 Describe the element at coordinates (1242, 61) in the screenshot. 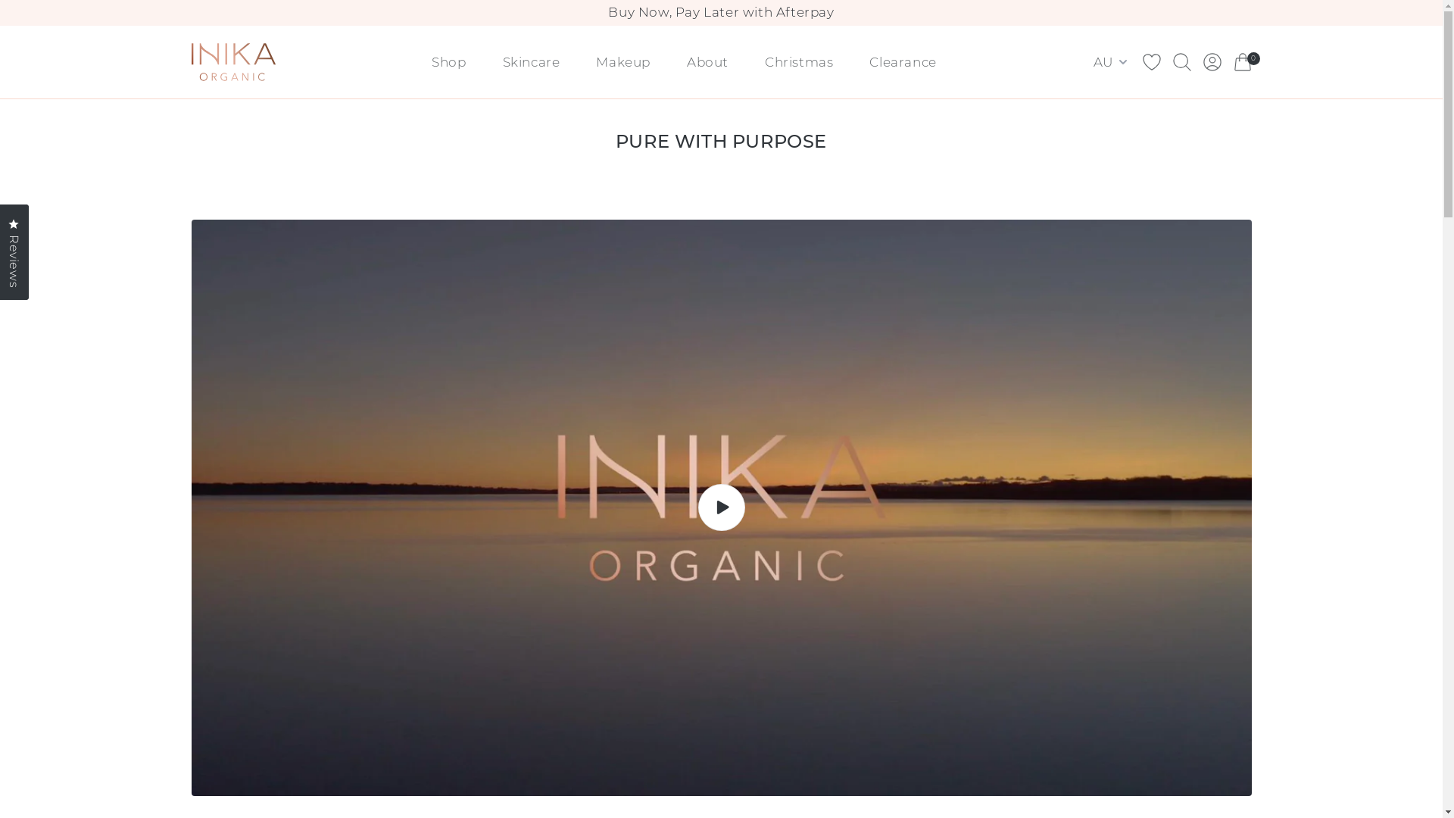

I see `'Cart Icon` at that location.